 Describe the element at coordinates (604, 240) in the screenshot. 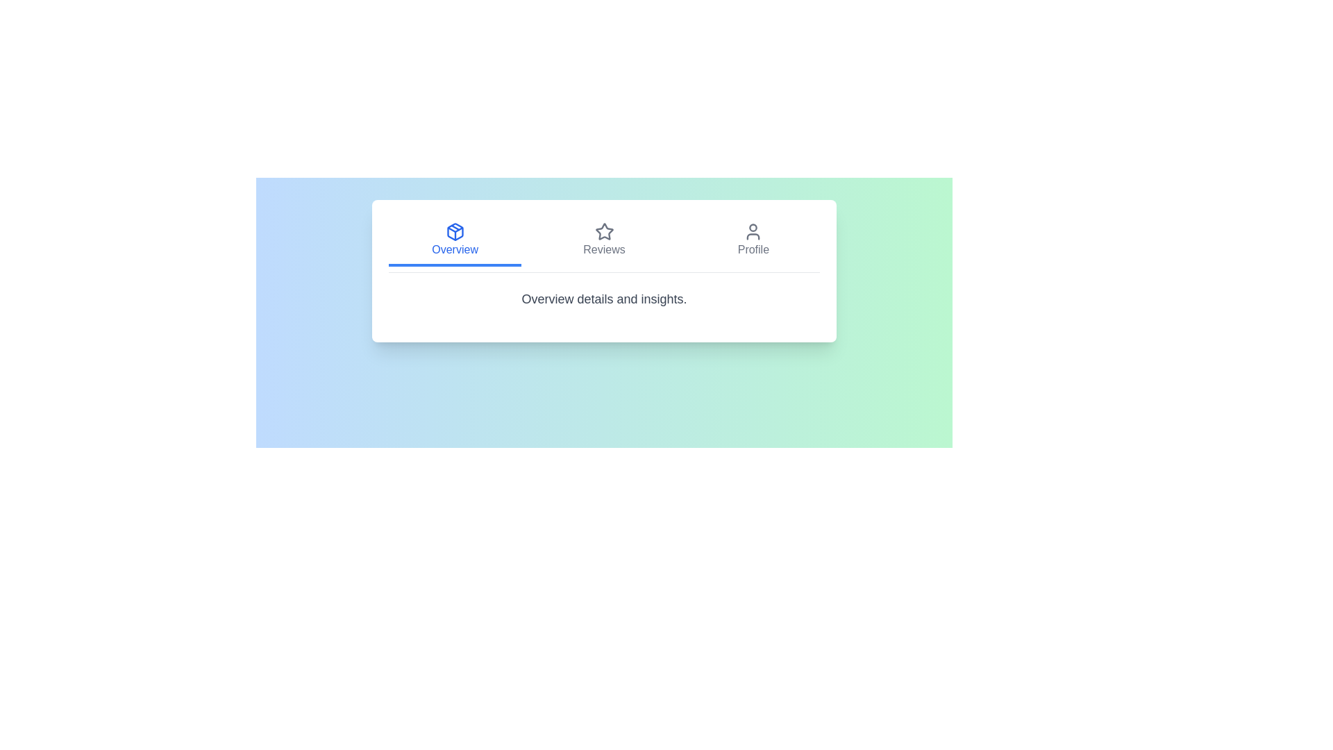

I see `the Reviews tab by clicking on it` at that location.